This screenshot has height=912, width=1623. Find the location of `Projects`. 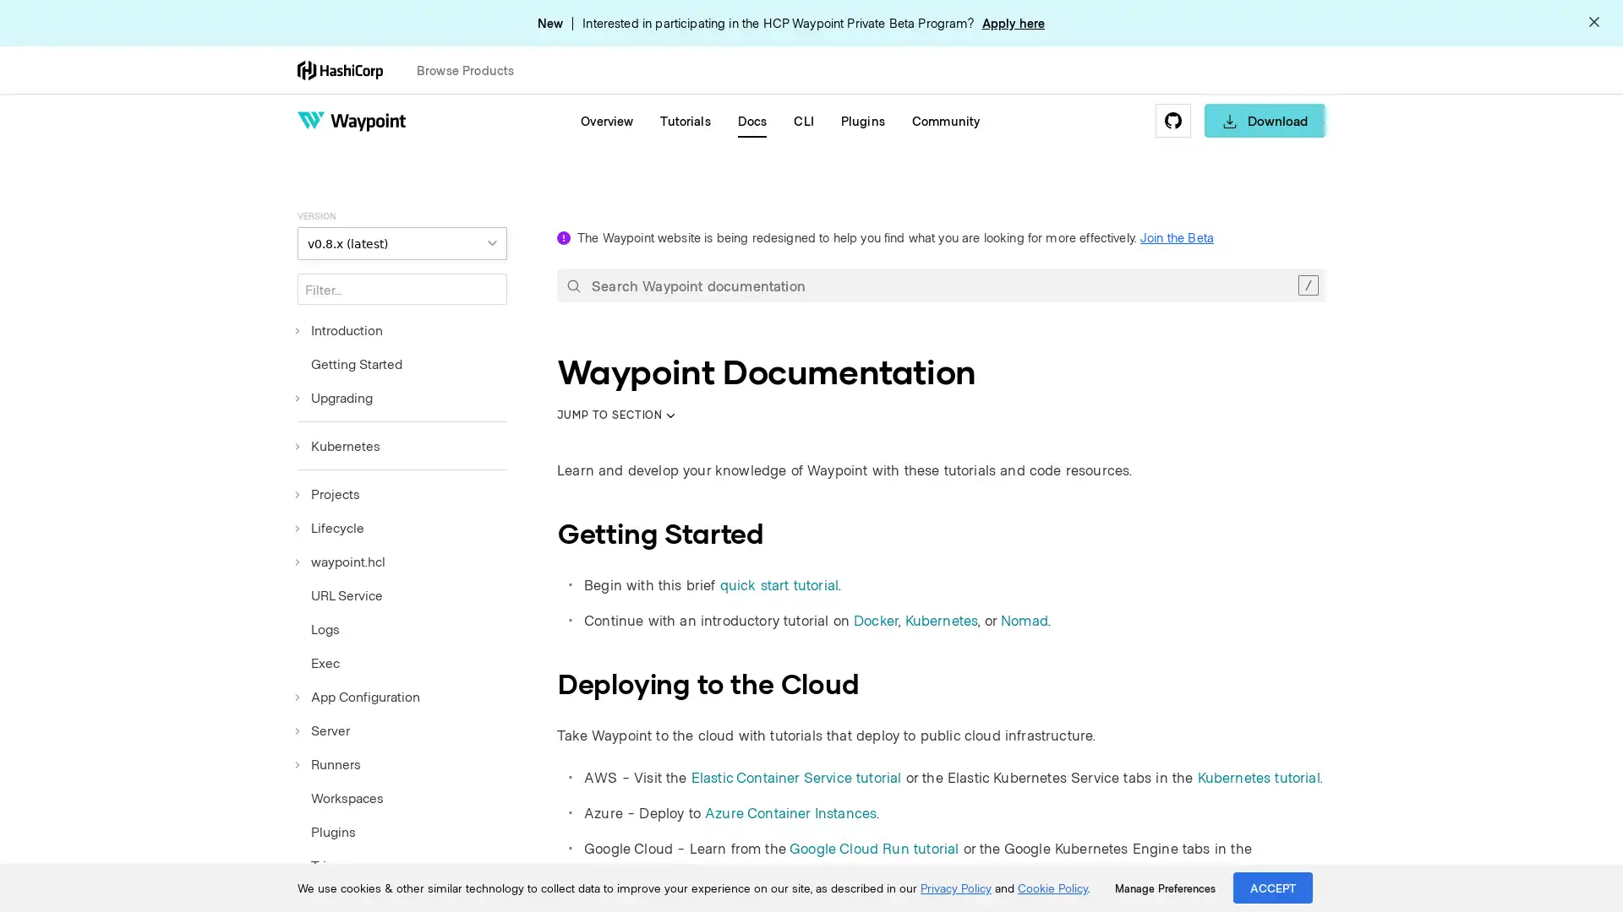

Projects is located at coordinates (328, 494).